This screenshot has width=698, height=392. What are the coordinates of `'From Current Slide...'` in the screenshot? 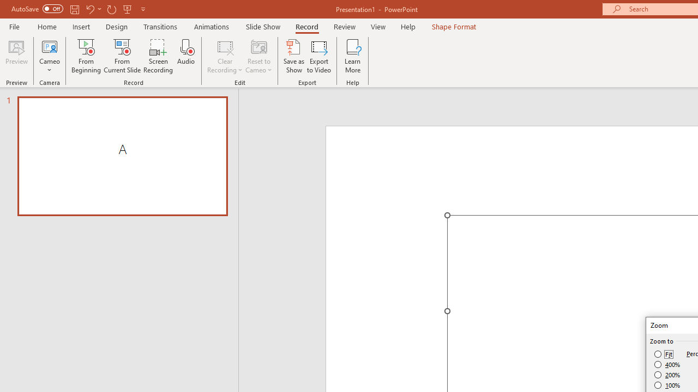 It's located at (122, 56).